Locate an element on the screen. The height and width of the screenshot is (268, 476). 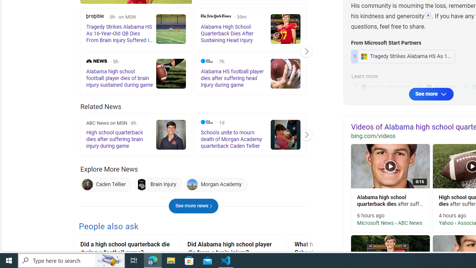
'Related News' is located at coordinates (100, 106).